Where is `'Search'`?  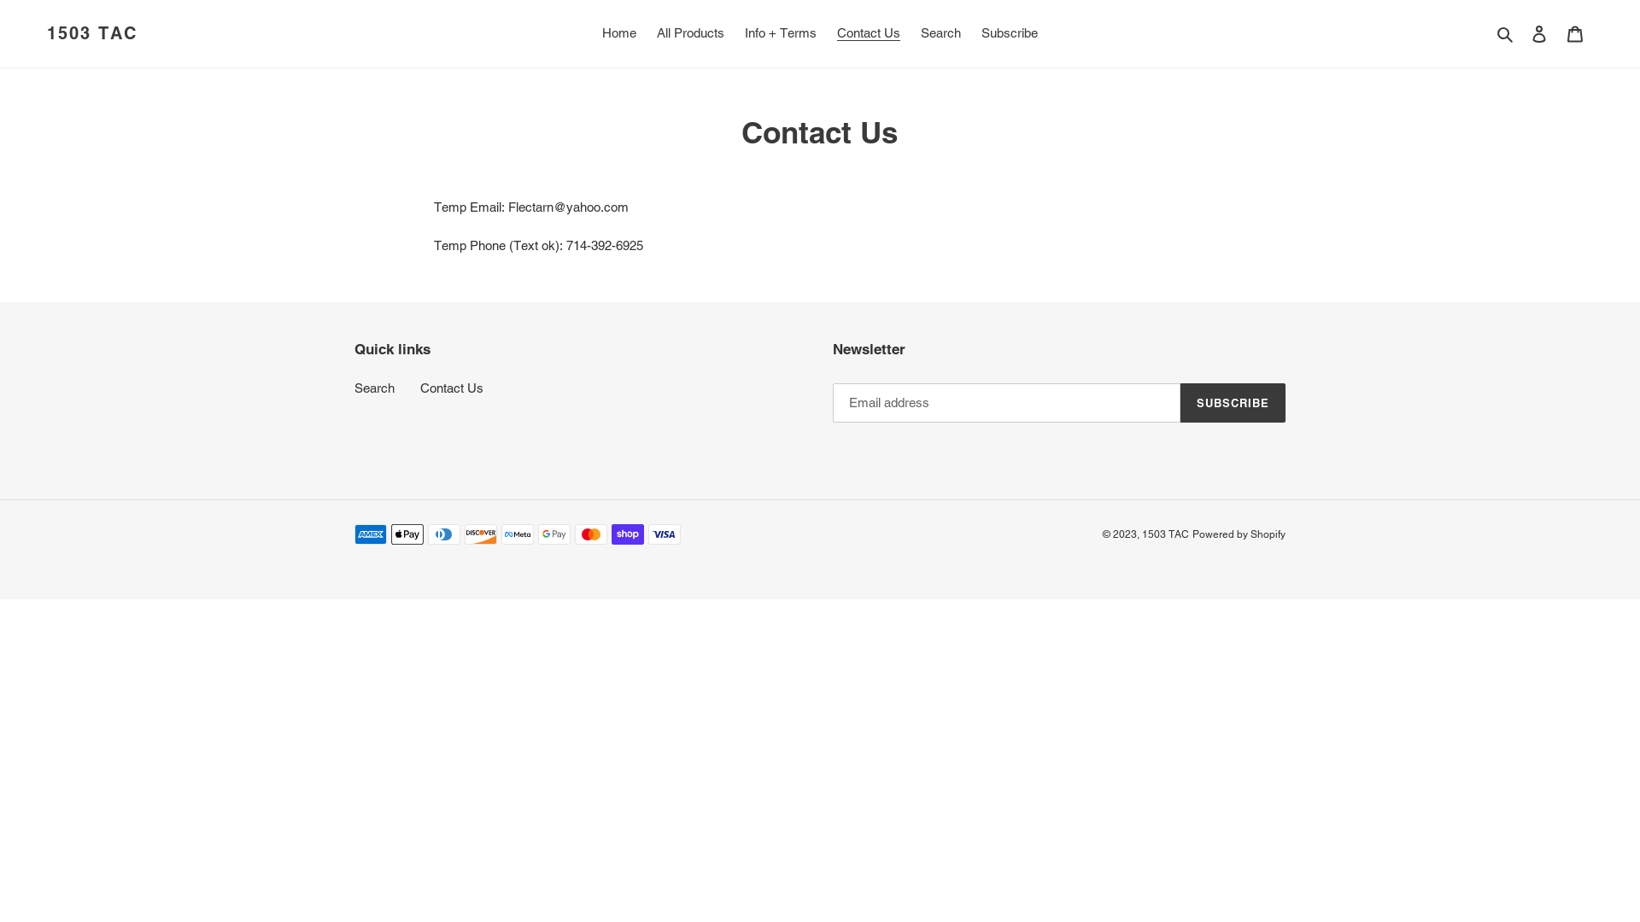 'Search' is located at coordinates (373, 388).